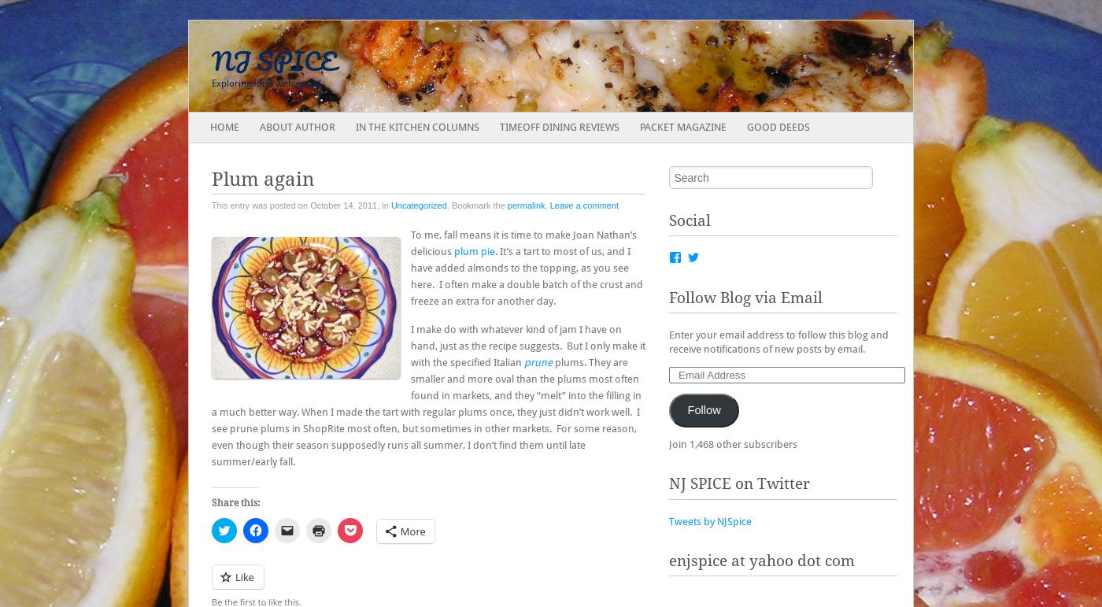  I want to click on 'Enter your email address to follow this blog and receive notifications of new posts by email.', so click(668, 341).